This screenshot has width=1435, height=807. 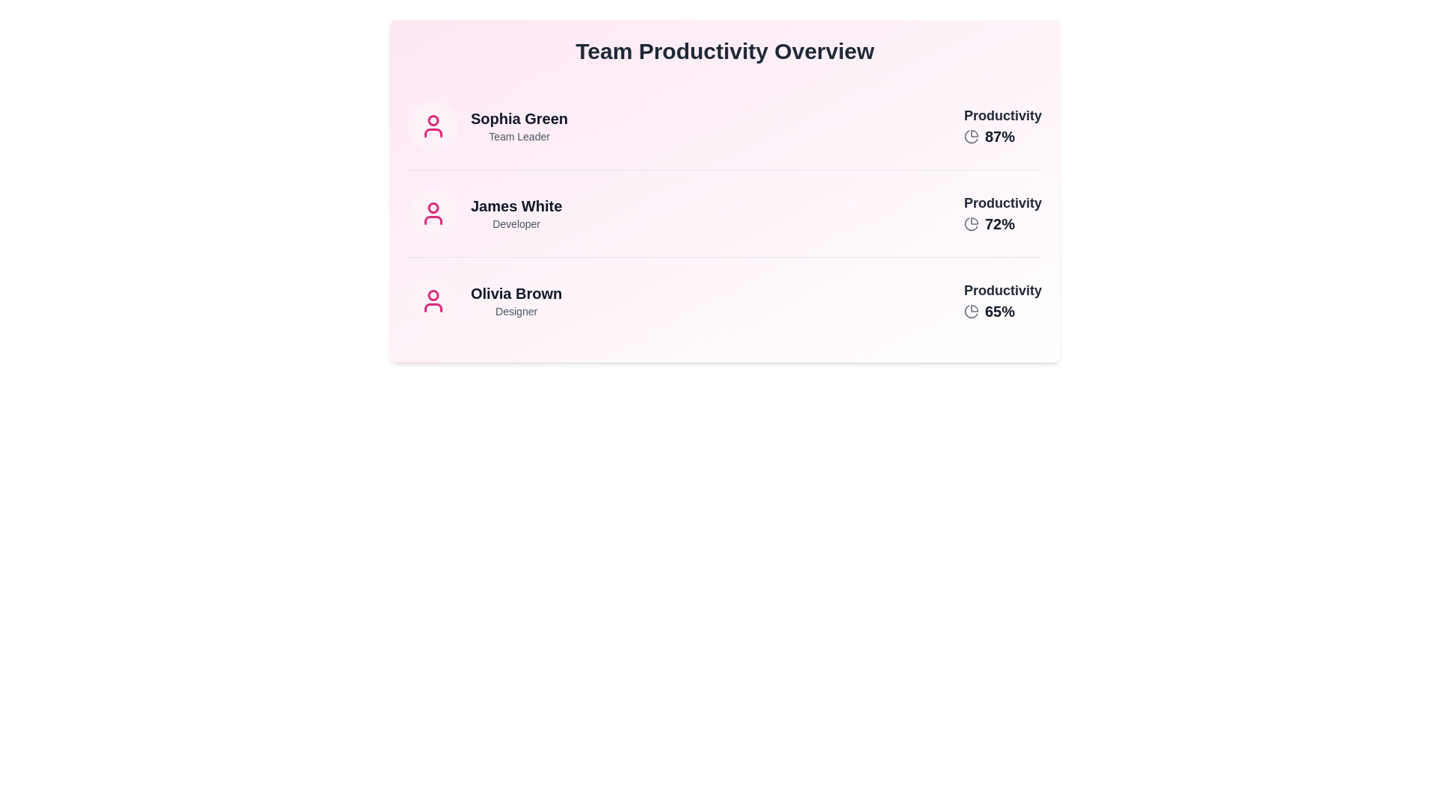 What do you see at coordinates (519, 126) in the screenshot?
I see `text content of the topmost text block displaying the name and title of the team leader, positioned next to a circular icon and above other entries like 'James White' and 'Olivia Brown'` at bounding box center [519, 126].